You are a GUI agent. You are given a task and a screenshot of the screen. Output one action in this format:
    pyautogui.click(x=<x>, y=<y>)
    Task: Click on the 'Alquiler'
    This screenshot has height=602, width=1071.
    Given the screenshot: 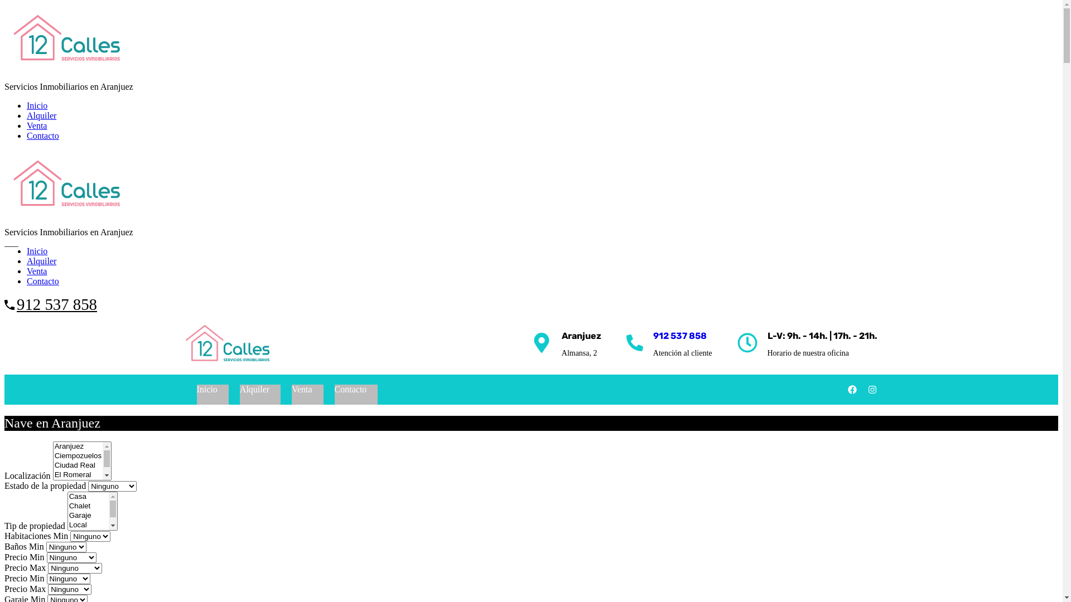 What is the action you would take?
    pyautogui.click(x=41, y=261)
    